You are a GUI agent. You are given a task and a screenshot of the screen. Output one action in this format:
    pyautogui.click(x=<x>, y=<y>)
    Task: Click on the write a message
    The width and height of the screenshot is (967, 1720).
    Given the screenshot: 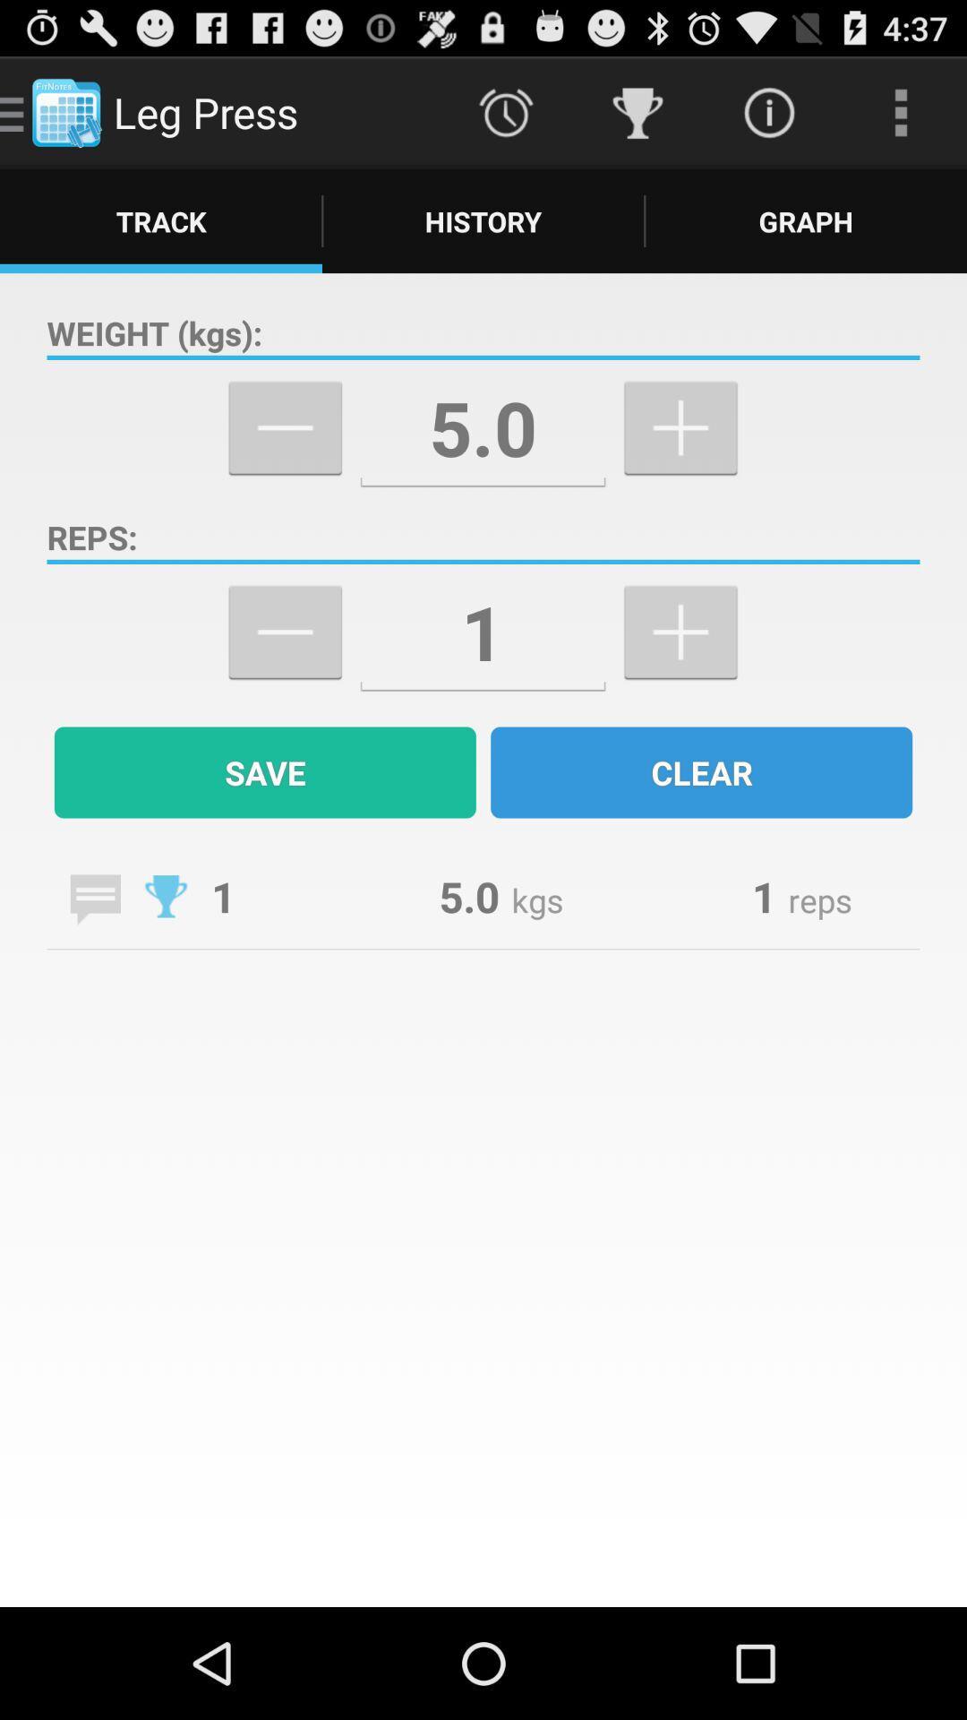 What is the action you would take?
    pyautogui.click(x=95, y=899)
    